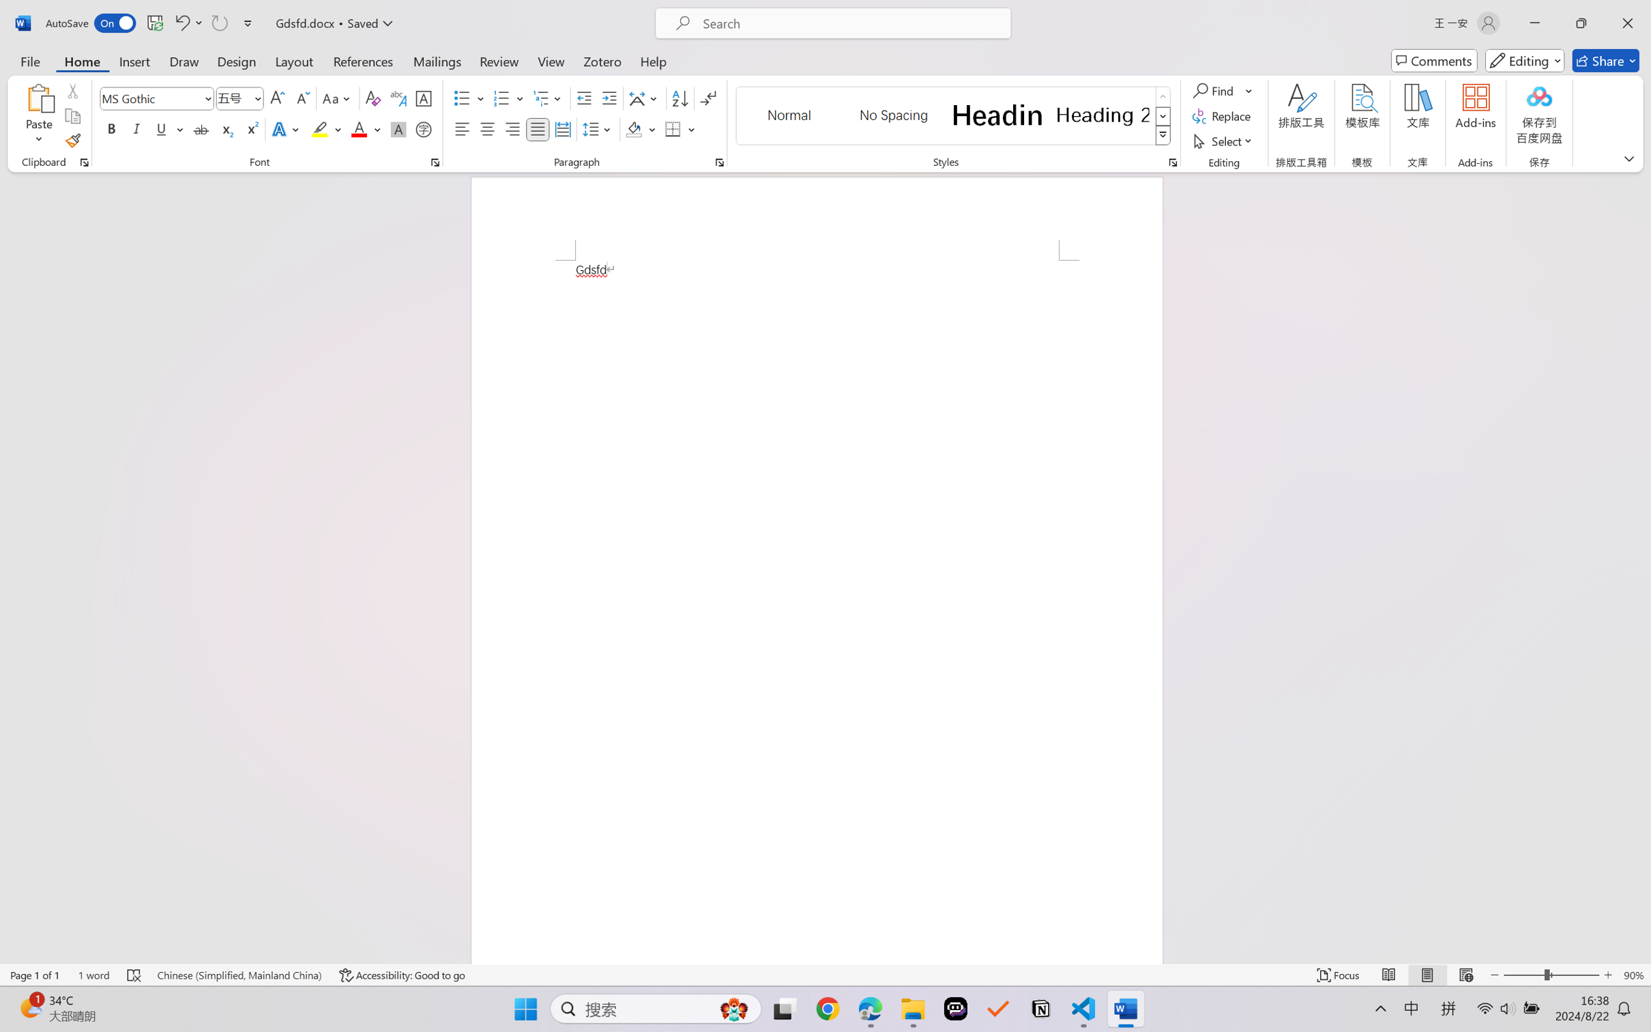 Image resolution: width=1651 pixels, height=1032 pixels. What do you see at coordinates (218, 23) in the screenshot?
I see `'Can'` at bounding box center [218, 23].